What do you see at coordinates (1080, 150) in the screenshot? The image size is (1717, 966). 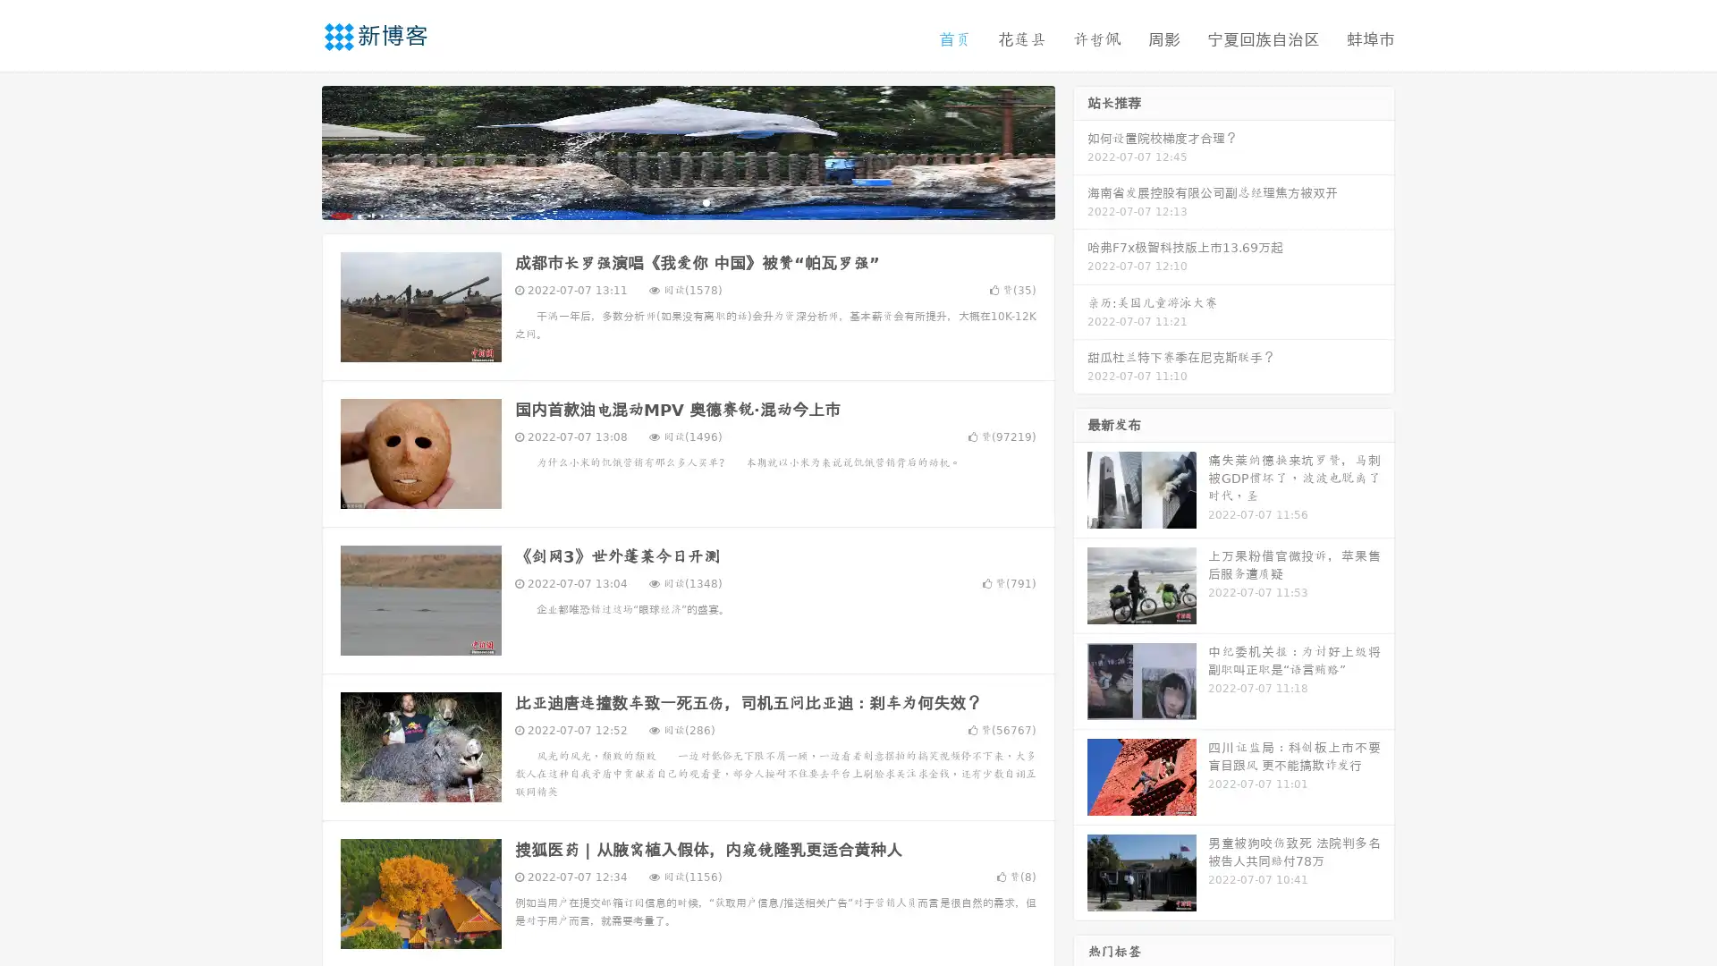 I see `Next slide` at bounding box center [1080, 150].